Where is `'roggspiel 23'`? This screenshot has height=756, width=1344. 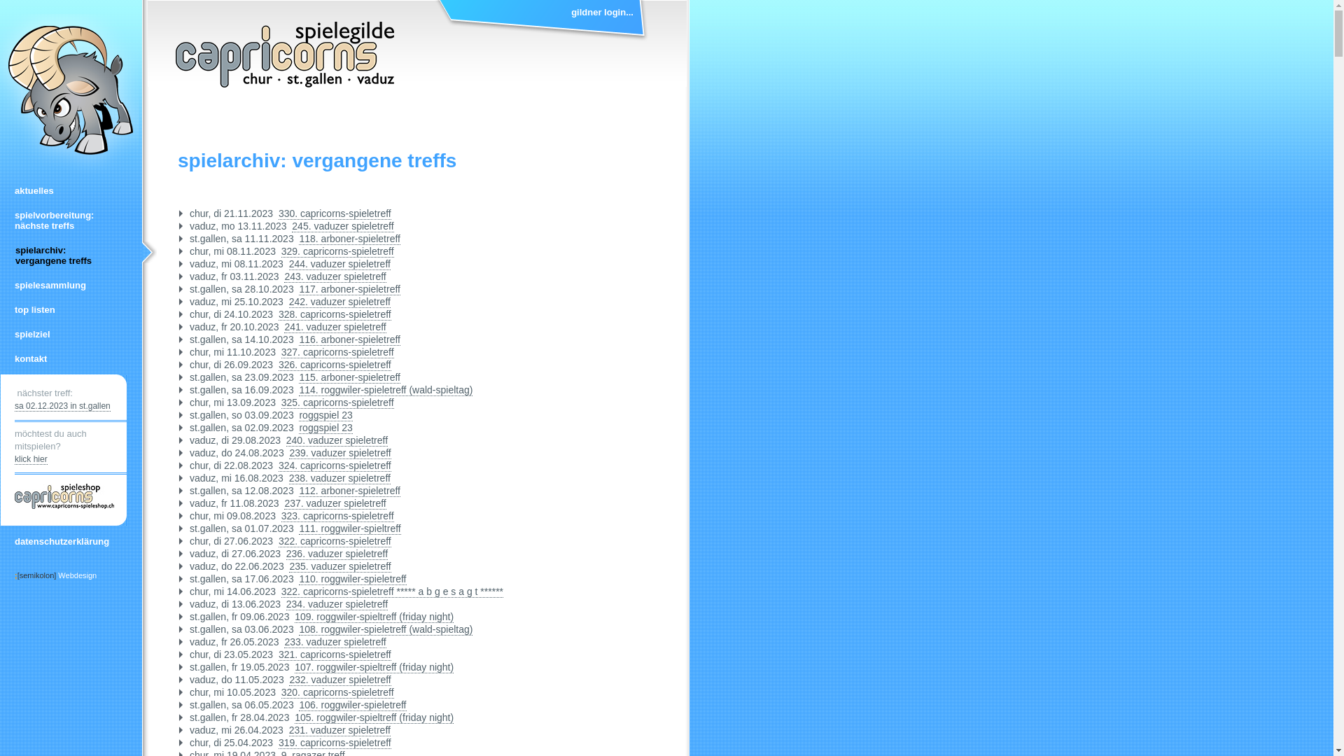 'roggspiel 23' is located at coordinates (325, 427).